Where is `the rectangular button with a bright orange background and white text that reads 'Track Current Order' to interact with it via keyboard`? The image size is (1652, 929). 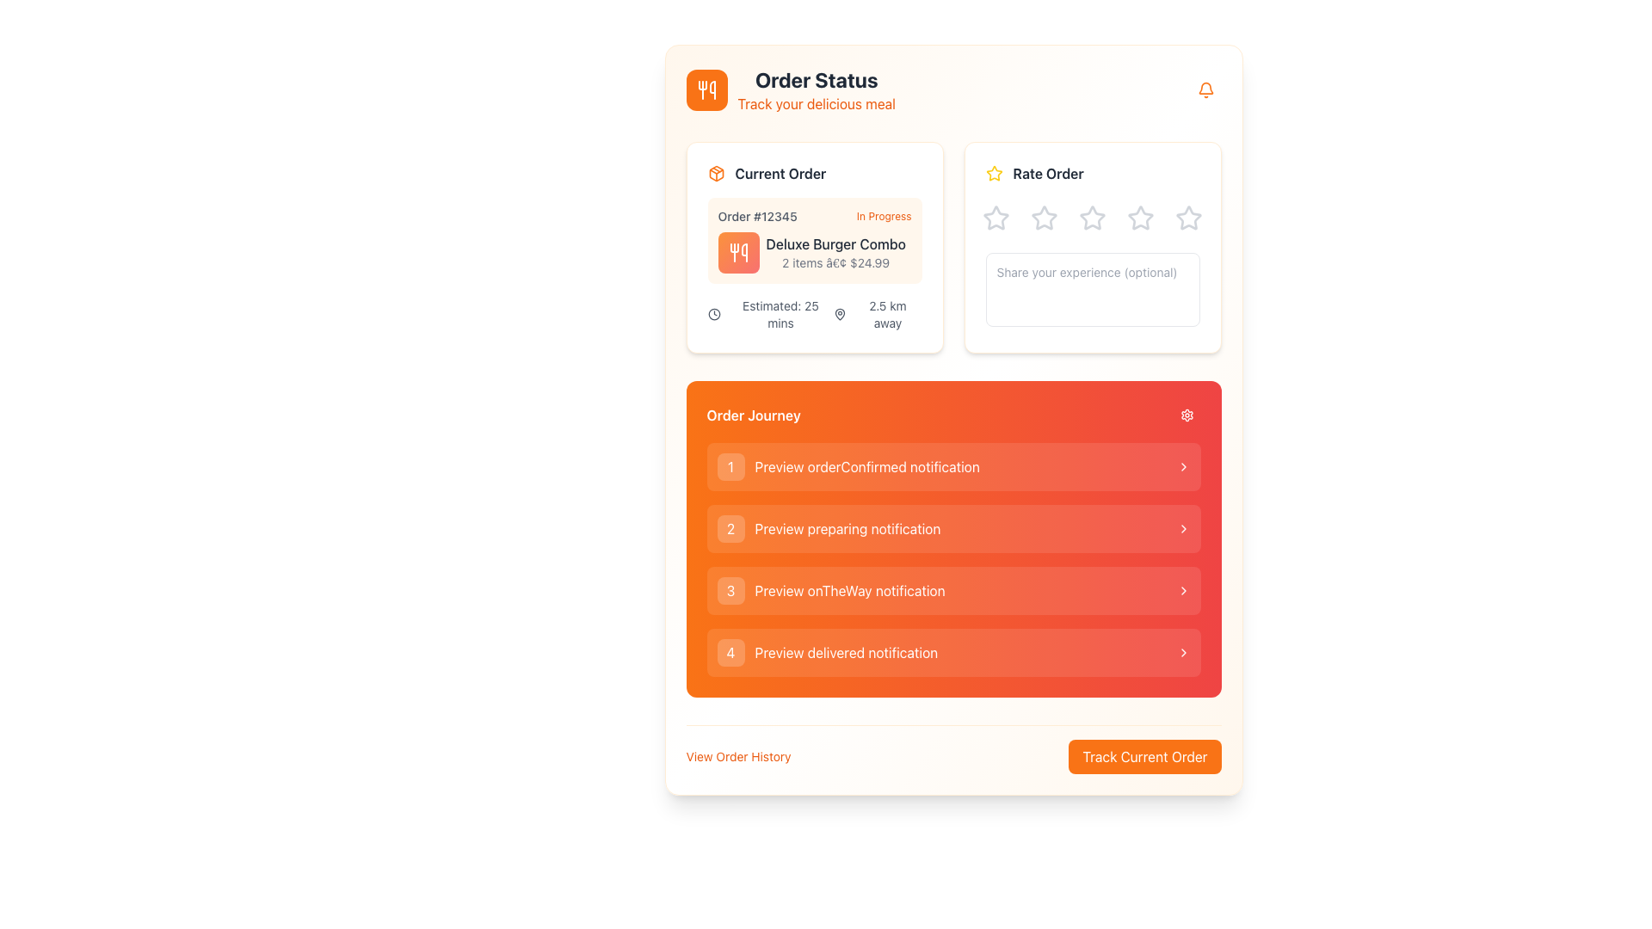 the rectangular button with a bright orange background and white text that reads 'Track Current Order' to interact with it via keyboard is located at coordinates (1144, 755).